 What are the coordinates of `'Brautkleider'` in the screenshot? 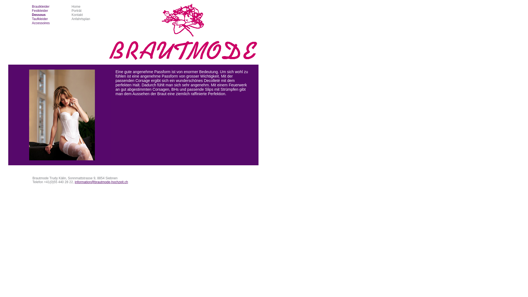 It's located at (40, 6).